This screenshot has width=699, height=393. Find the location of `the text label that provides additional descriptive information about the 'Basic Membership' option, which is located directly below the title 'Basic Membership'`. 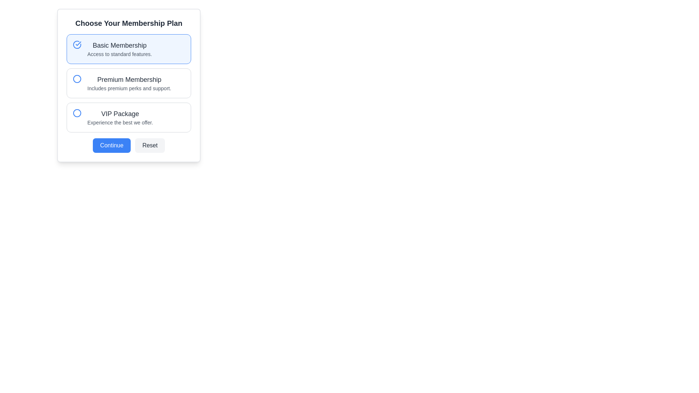

the text label that provides additional descriptive information about the 'Basic Membership' option, which is located directly below the title 'Basic Membership' is located at coordinates (119, 54).